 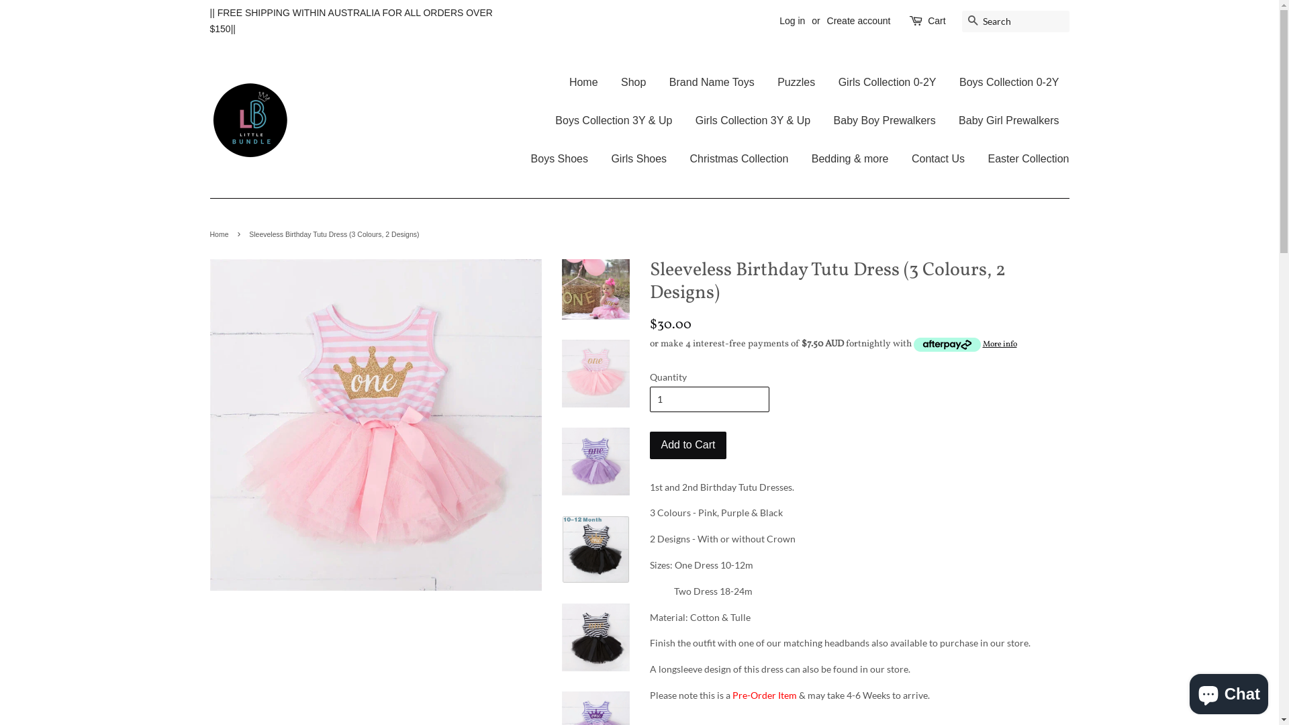 What do you see at coordinates (638, 158) in the screenshot?
I see `'Girls Shoes'` at bounding box center [638, 158].